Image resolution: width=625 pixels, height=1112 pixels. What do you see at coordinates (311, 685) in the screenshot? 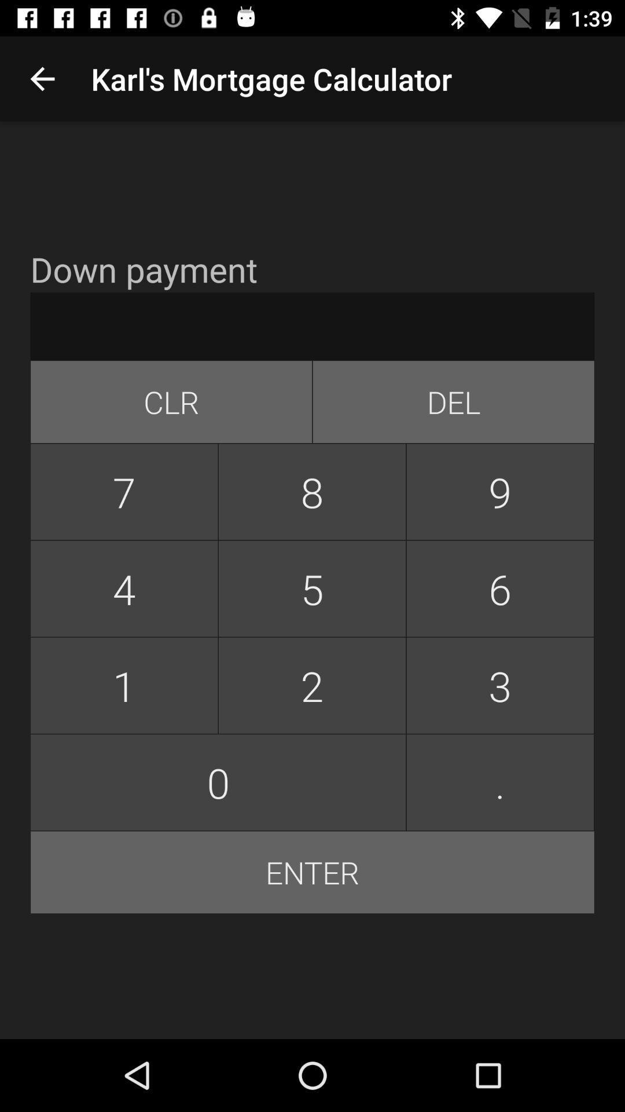
I see `2 icon` at bounding box center [311, 685].